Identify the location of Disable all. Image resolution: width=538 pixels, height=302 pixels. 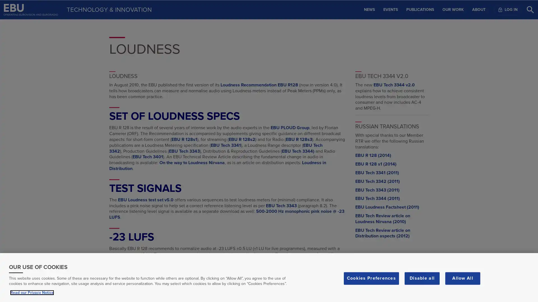
(422, 278).